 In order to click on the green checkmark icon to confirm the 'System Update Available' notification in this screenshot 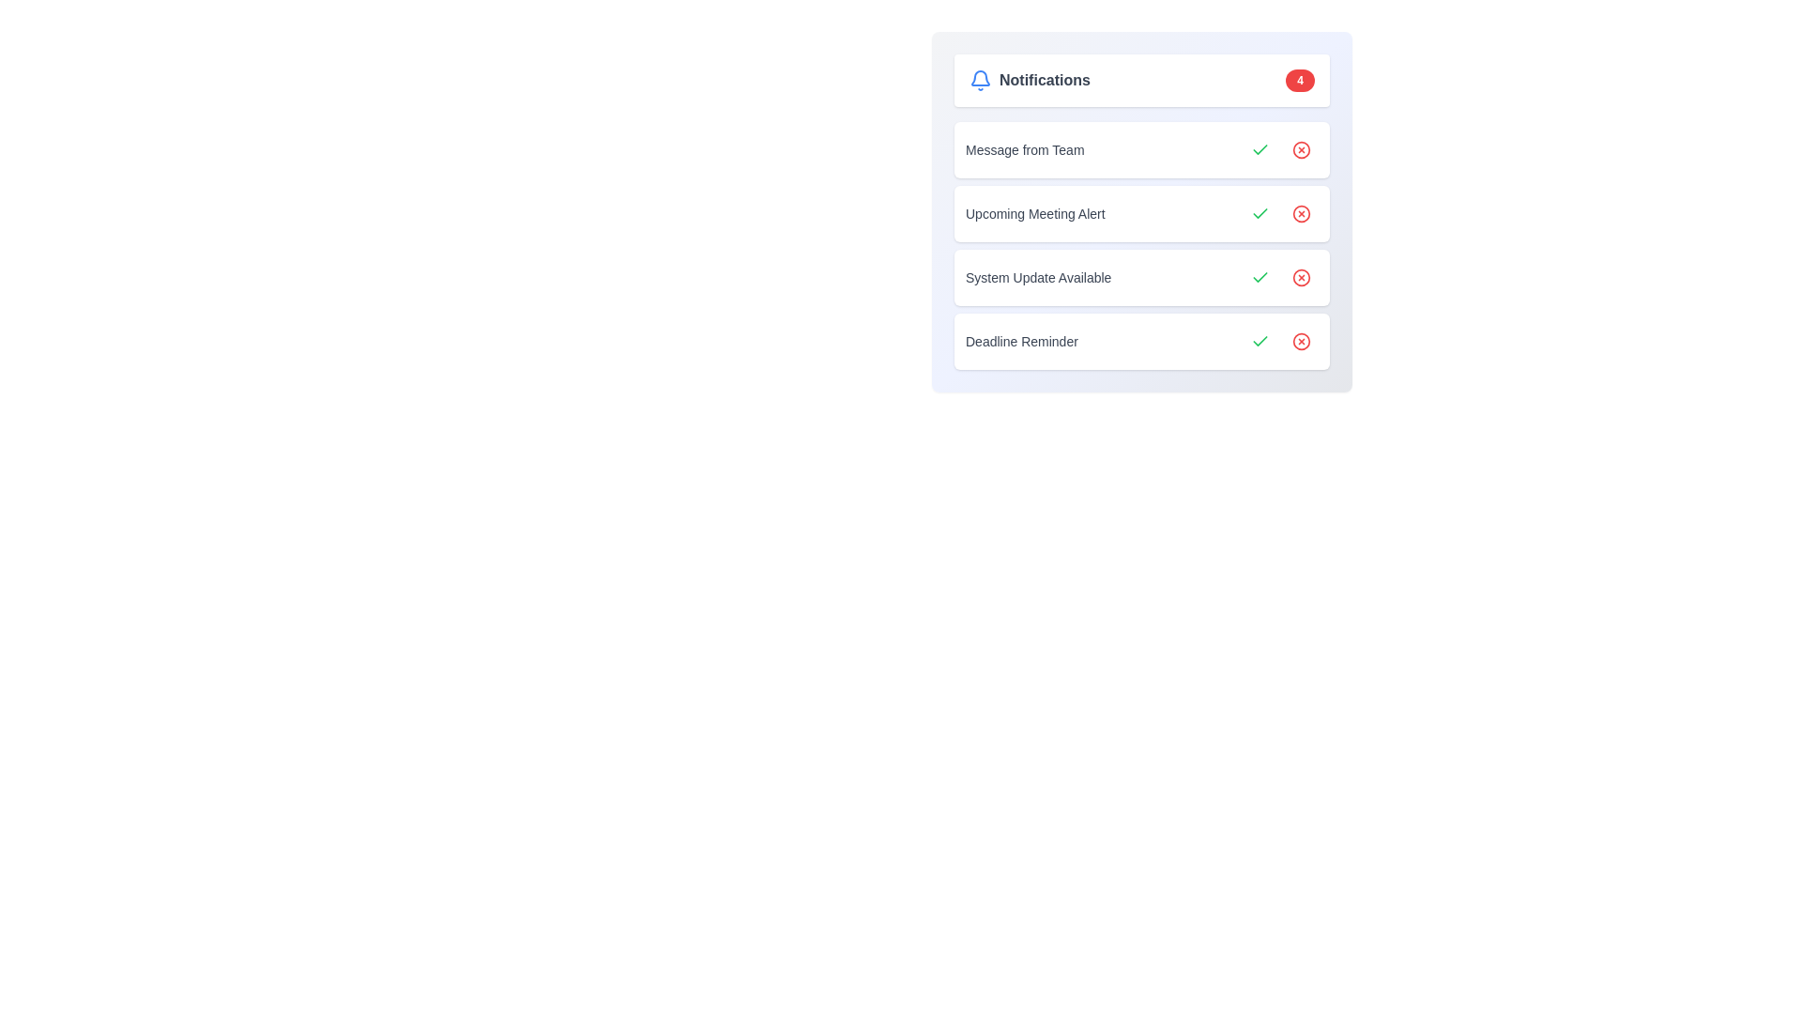, I will do `click(1260, 278)`.